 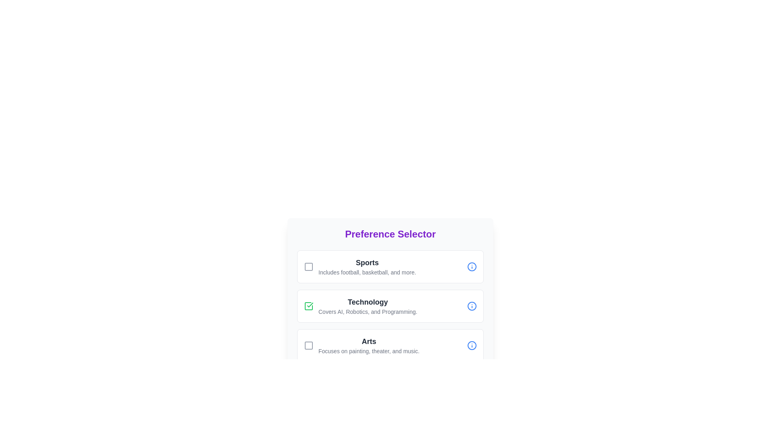 I want to click on the preference by clicking on the checkbox corresponding to Arts, so click(x=308, y=345).